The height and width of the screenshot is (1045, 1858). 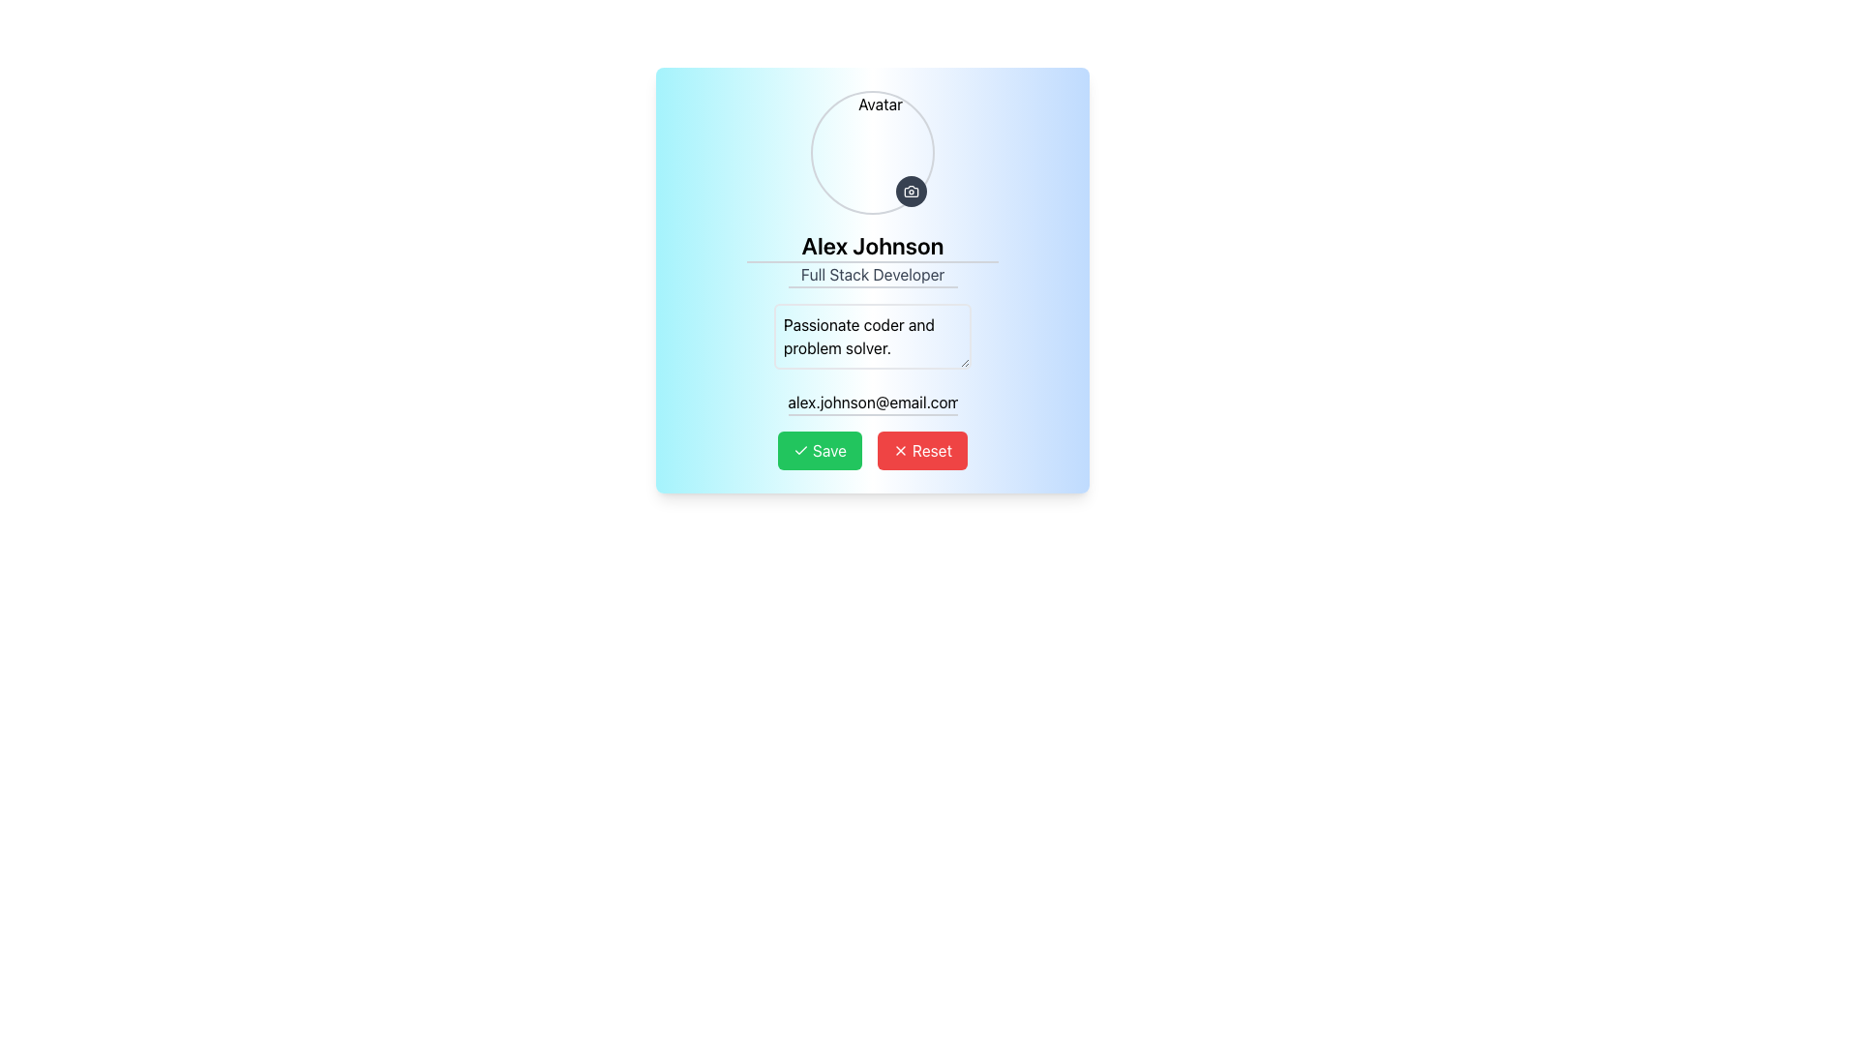 I want to click on the 'Reset' button that contains the decorative 'X' icon, so click(x=900, y=451).